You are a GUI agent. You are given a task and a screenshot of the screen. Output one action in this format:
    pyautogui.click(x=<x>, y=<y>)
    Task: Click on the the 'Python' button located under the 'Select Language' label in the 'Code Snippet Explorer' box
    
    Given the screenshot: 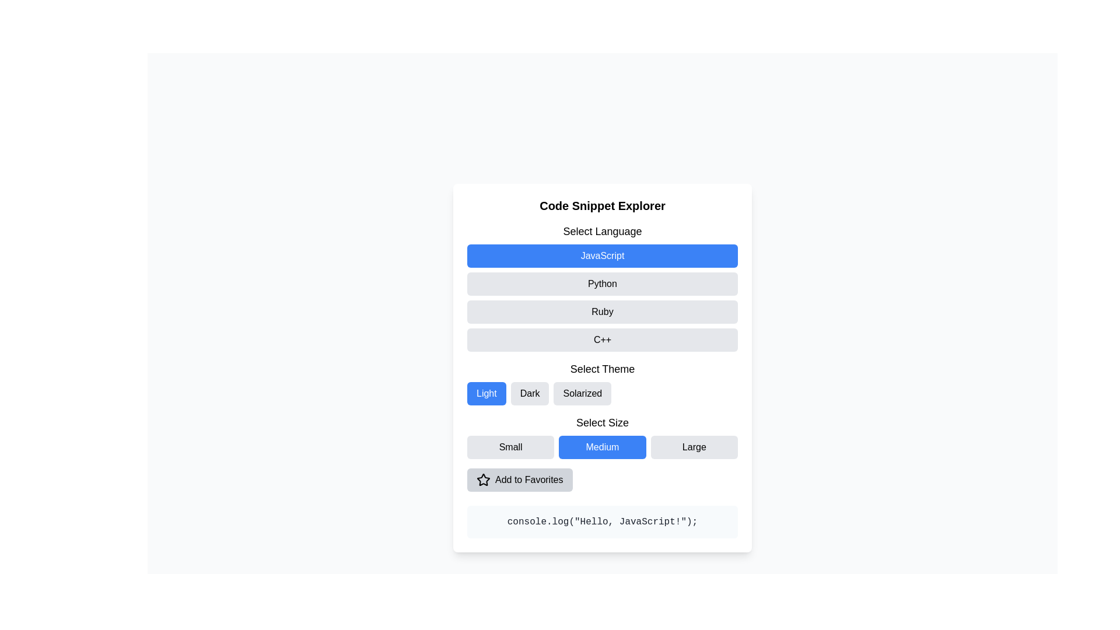 What is the action you would take?
    pyautogui.click(x=602, y=288)
    